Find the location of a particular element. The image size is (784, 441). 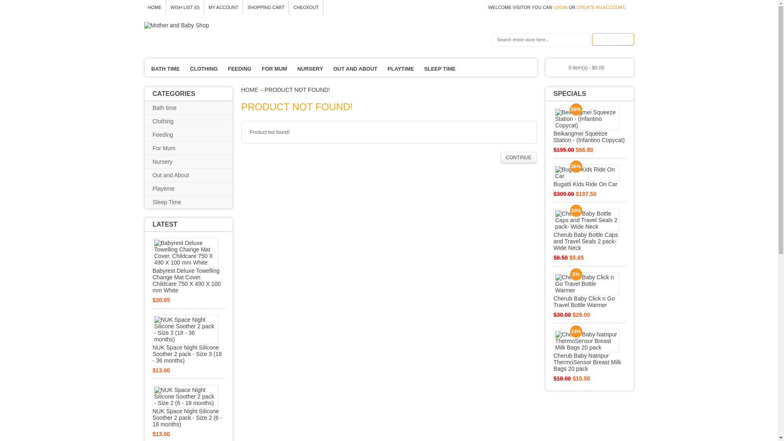

'Bugatti Kids Ride On Car' is located at coordinates (590, 176).